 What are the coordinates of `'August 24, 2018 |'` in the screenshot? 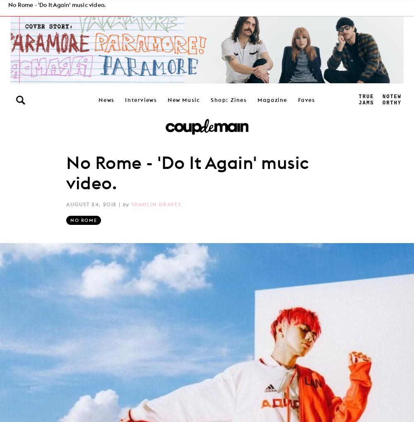 It's located at (94, 203).